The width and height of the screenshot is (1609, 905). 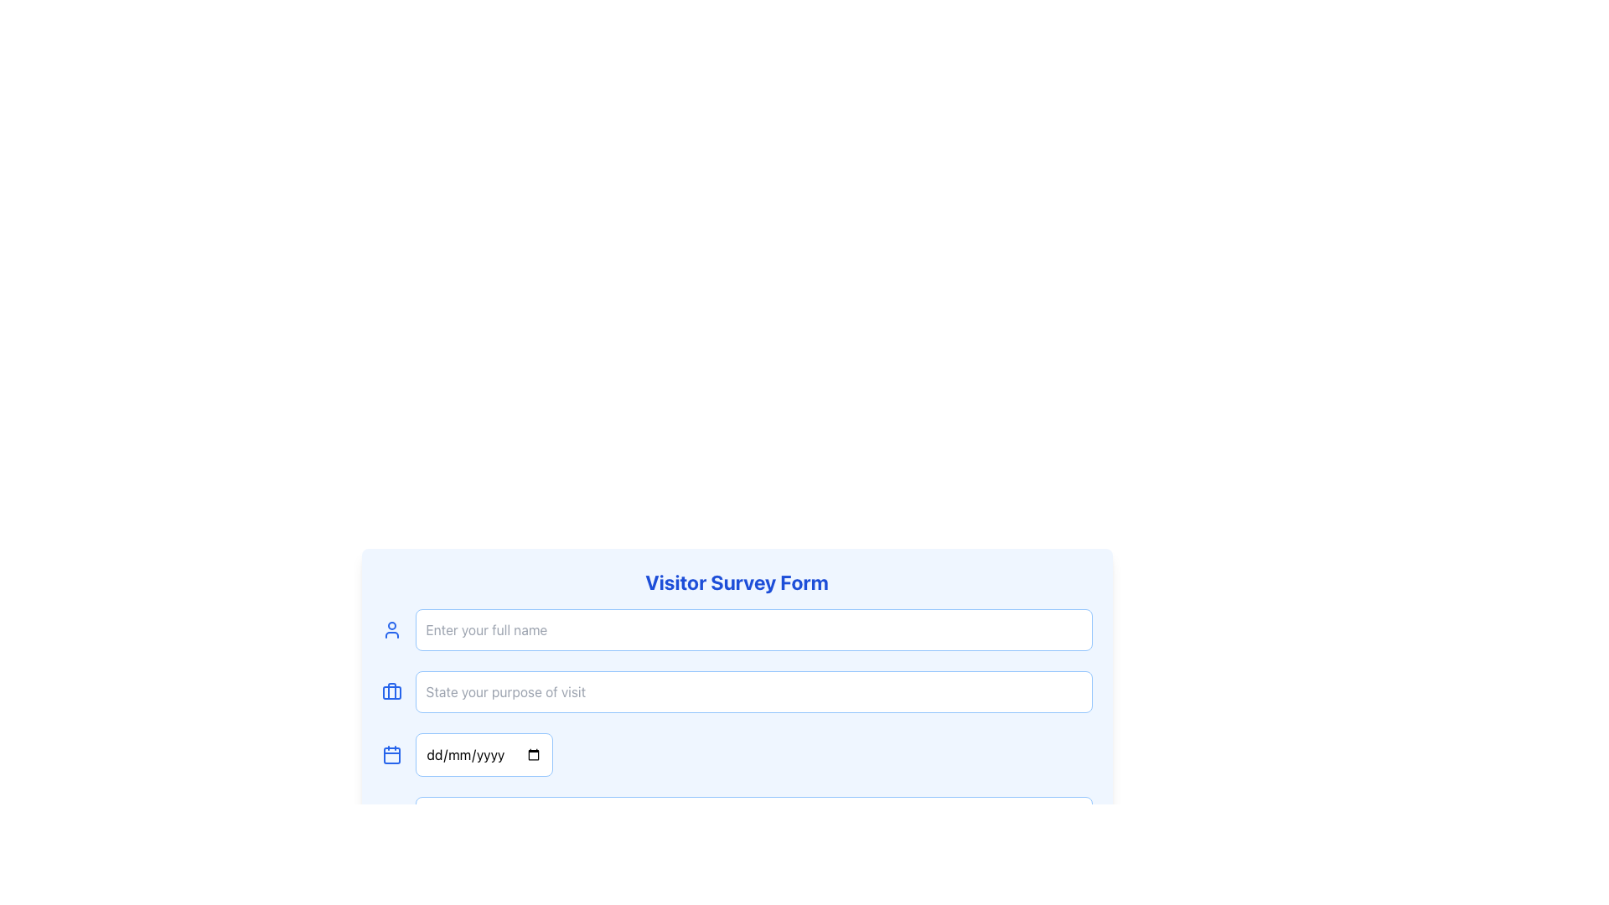 I want to click on the text input field in the 'Visitor Survey Form' by clicking on it. This input field is bordered with a light blue outline and contains placeholder text saying 'State your purpose of visit', so click(x=753, y=691).